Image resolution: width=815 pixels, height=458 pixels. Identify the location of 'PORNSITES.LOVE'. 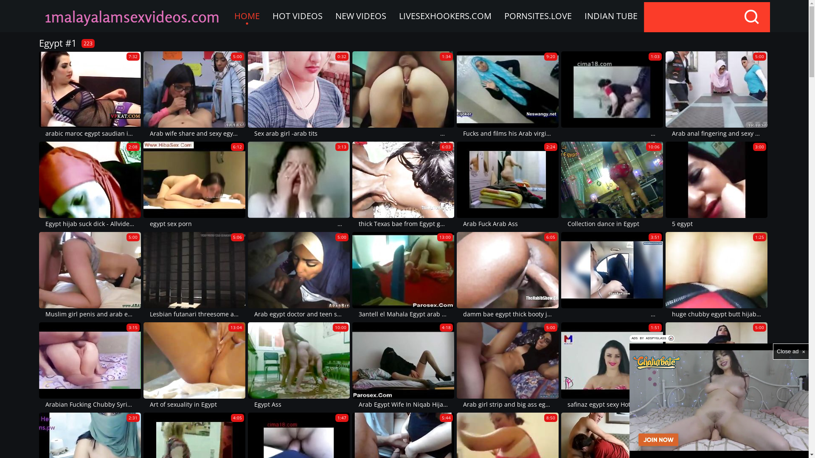
(537, 16).